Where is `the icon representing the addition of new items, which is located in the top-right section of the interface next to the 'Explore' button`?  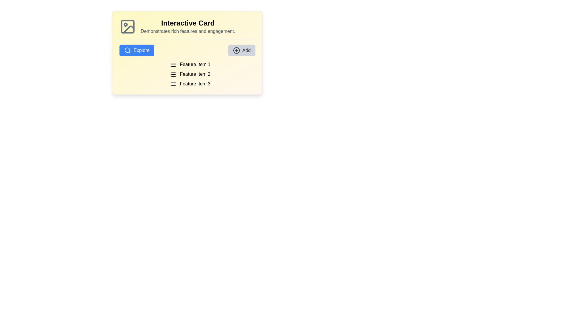 the icon representing the addition of new items, which is located in the top-right section of the interface next to the 'Explore' button is located at coordinates (236, 50).